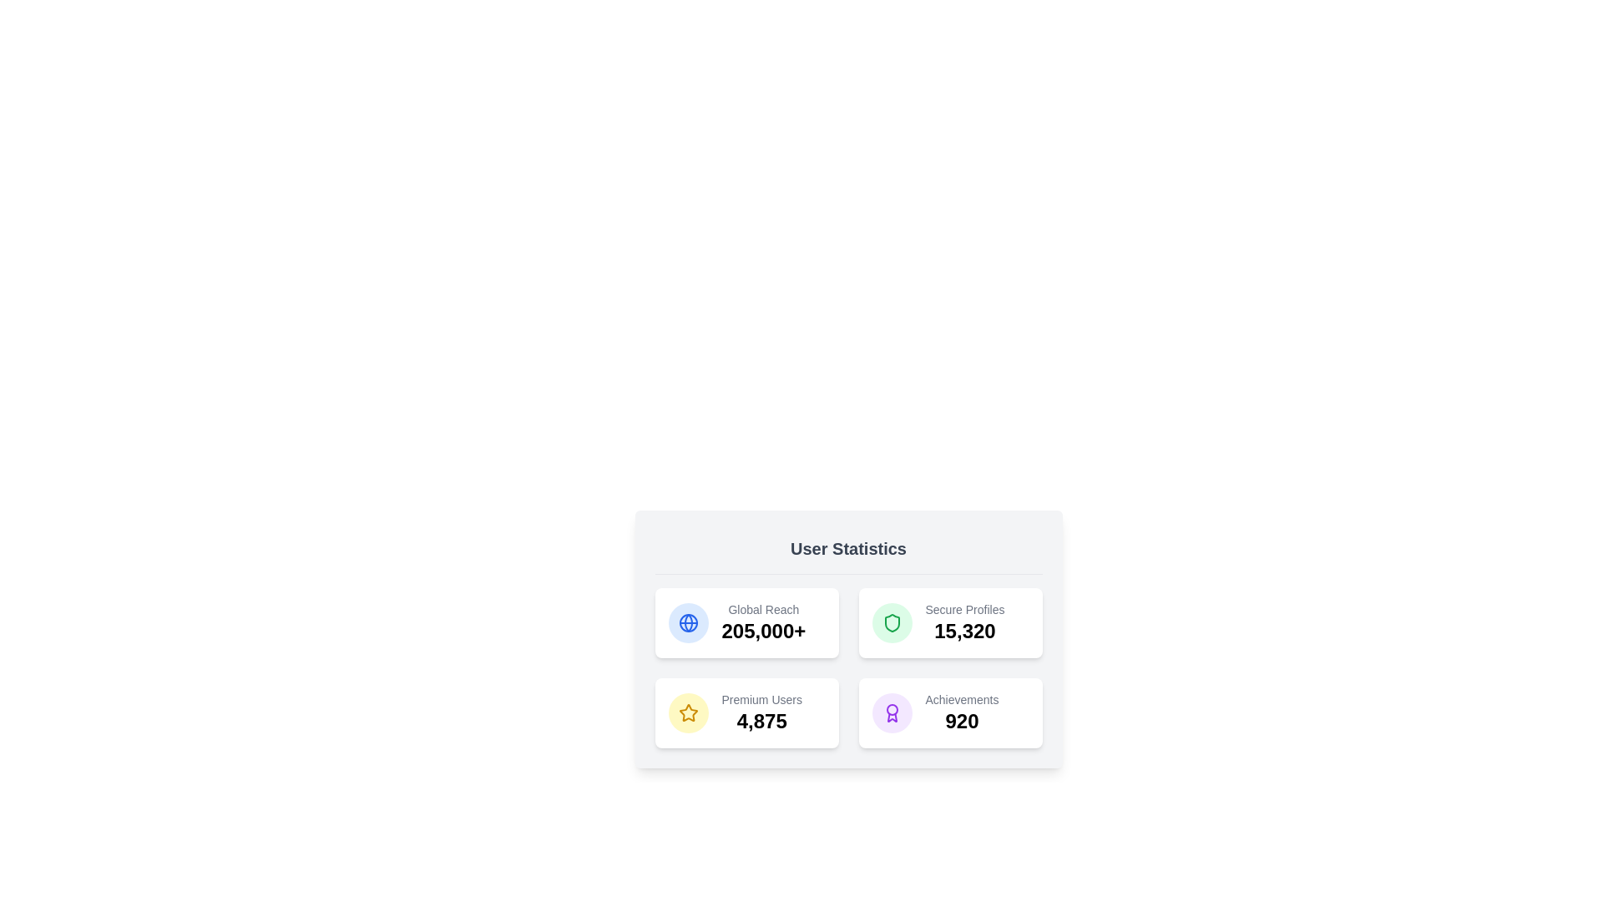 The height and width of the screenshot is (901, 1603). I want to click on the star icon representing 'Premium Users' located in the bottom-left cell of the 'User Statistics' card, so click(688, 713).